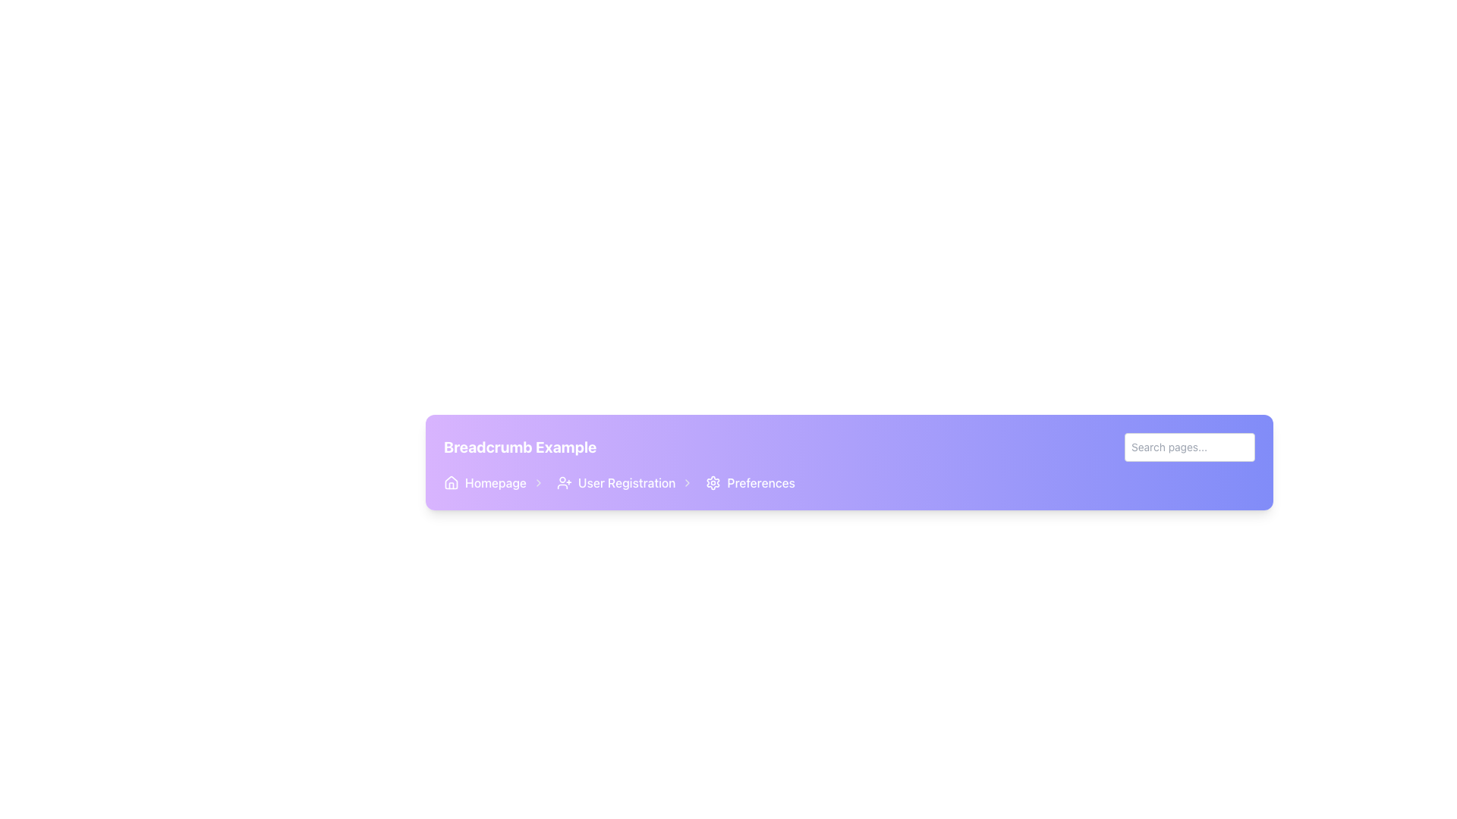  I want to click on the third item in the breadcrumb navigation structure, which is an interactive text link directing to the 'User Registration' section, so click(627, 482).